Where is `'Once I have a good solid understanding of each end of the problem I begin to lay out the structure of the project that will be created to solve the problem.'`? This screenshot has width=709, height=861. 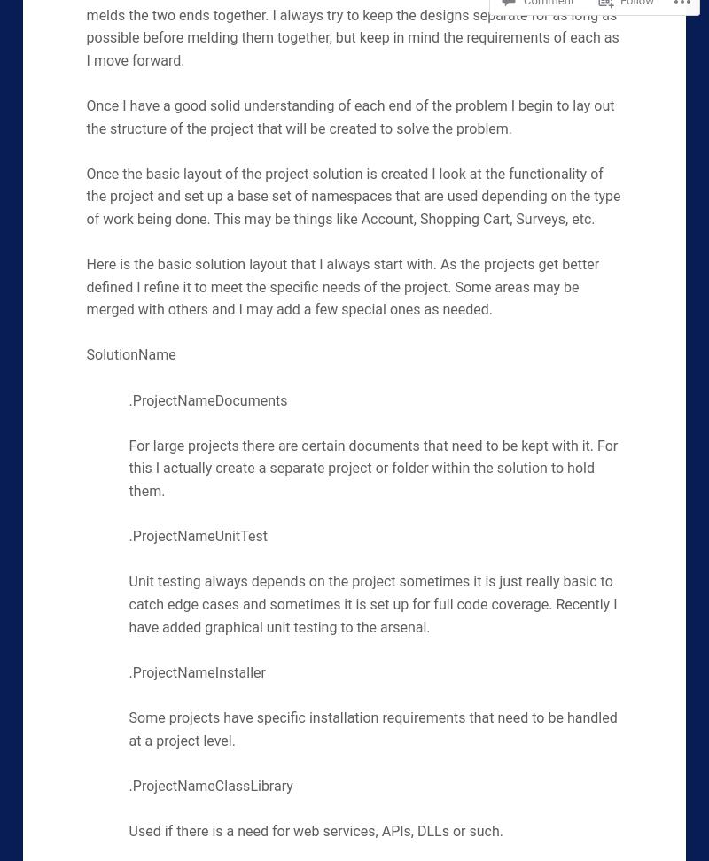 'Once I have a good solid understanding of each end of the problem I begin to lay out the structure of the project that will be created to solve the problem.' is located at coordinates (348, 116).